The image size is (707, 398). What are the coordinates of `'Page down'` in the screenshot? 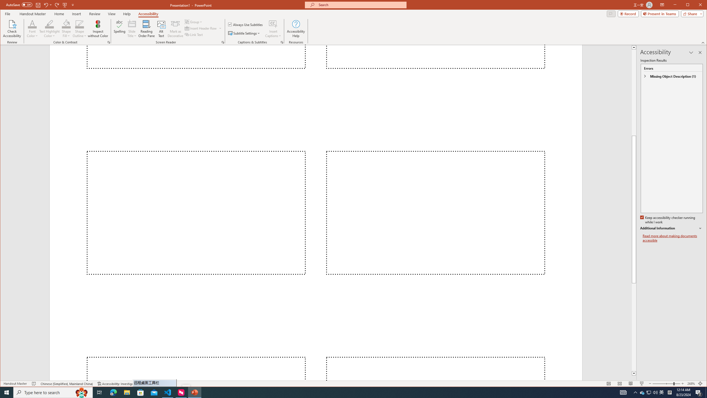 It's located at (634, 284).